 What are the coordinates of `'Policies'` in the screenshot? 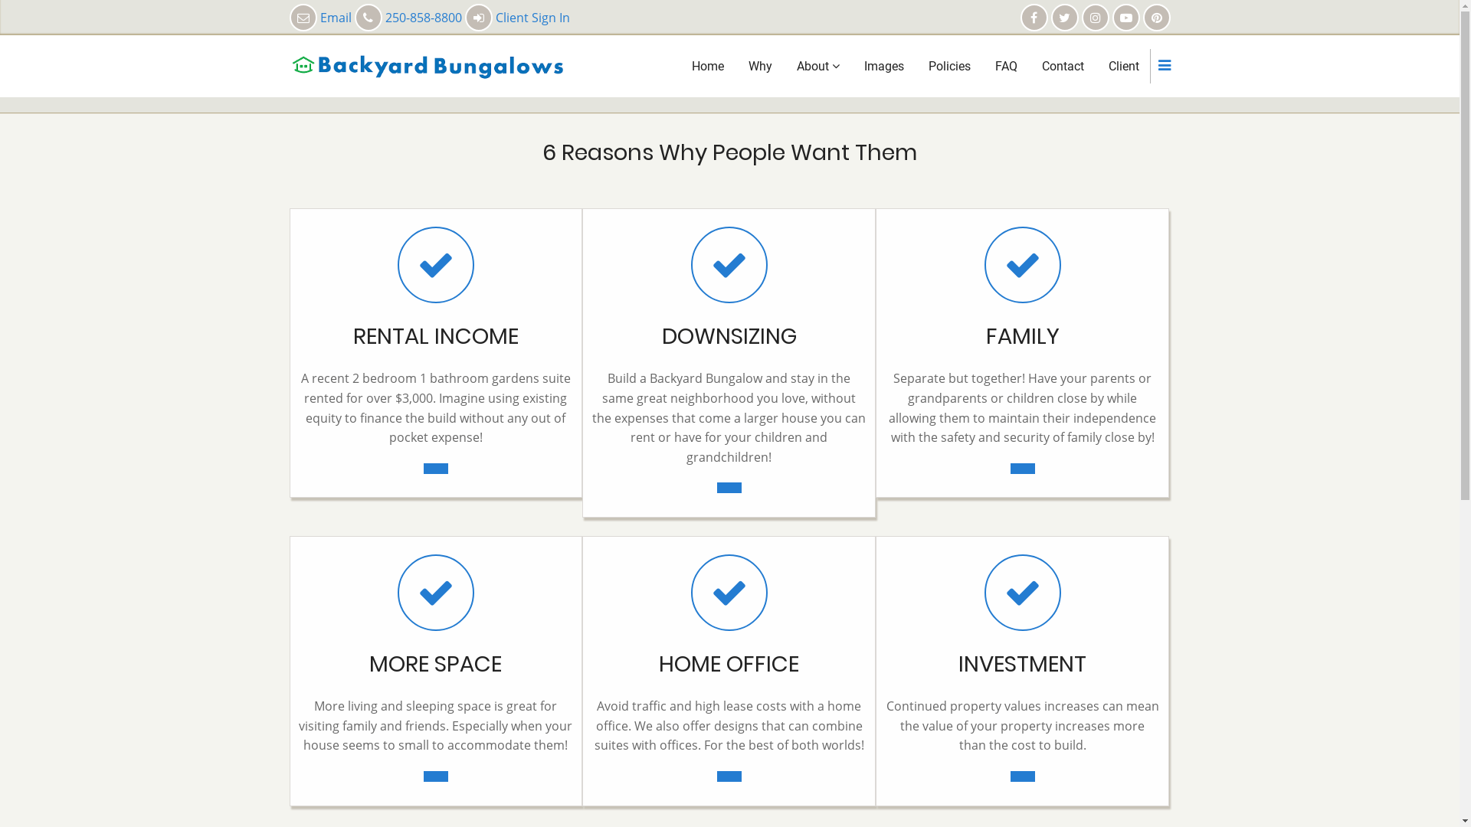 It's located at (918, 66).